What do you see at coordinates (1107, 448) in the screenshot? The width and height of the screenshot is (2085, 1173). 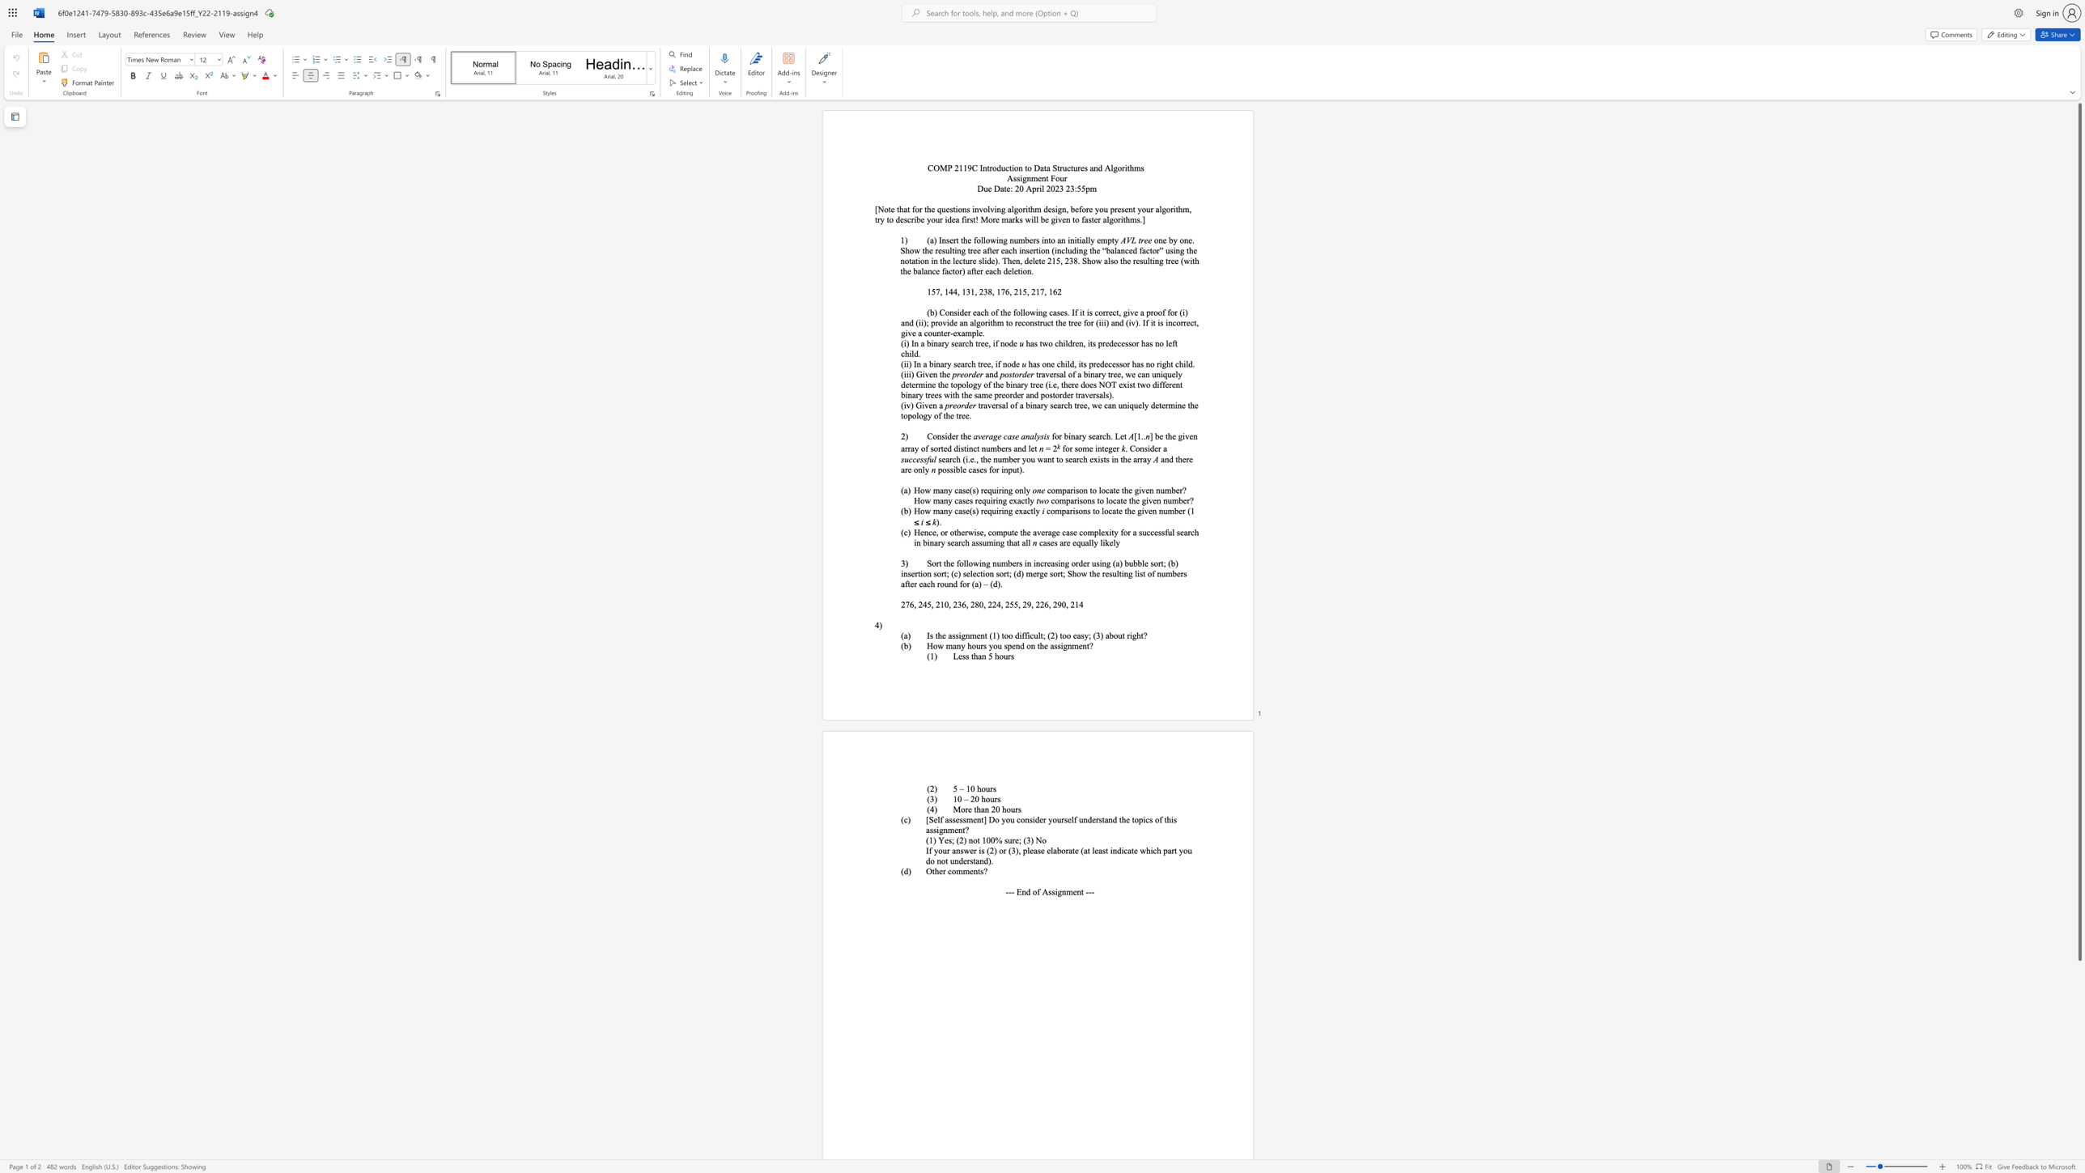 I see `the subset text "ge" within the text "for some integer"` at bounding box center [1107, 448].